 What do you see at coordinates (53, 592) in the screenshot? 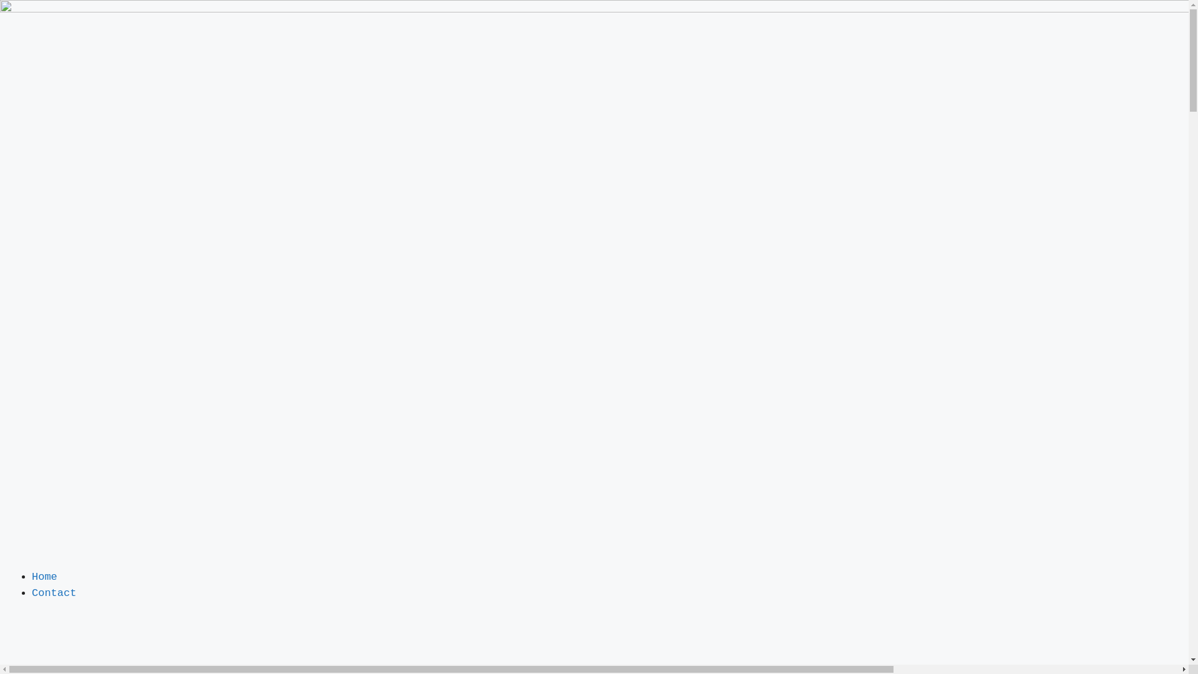
I see `'Contact'` at bounding box center [53, 592].